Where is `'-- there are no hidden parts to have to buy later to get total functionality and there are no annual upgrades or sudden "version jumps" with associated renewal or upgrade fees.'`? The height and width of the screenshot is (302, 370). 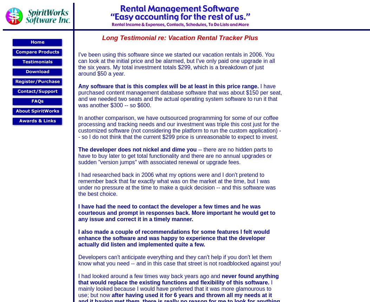
'-- there are no hidden parts to have to buy later to get total functionality and there are no annual upgrades or sudden "version jumps" with associated renewal or upgrade fees.' is located at coordinates (78, 155).